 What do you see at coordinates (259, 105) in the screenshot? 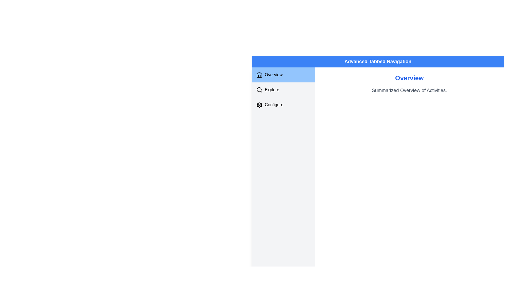
I see `the gear icon representing settings, which is part of the 'Configure' text label in the sidebar menu` at bounding box center [259, 105].